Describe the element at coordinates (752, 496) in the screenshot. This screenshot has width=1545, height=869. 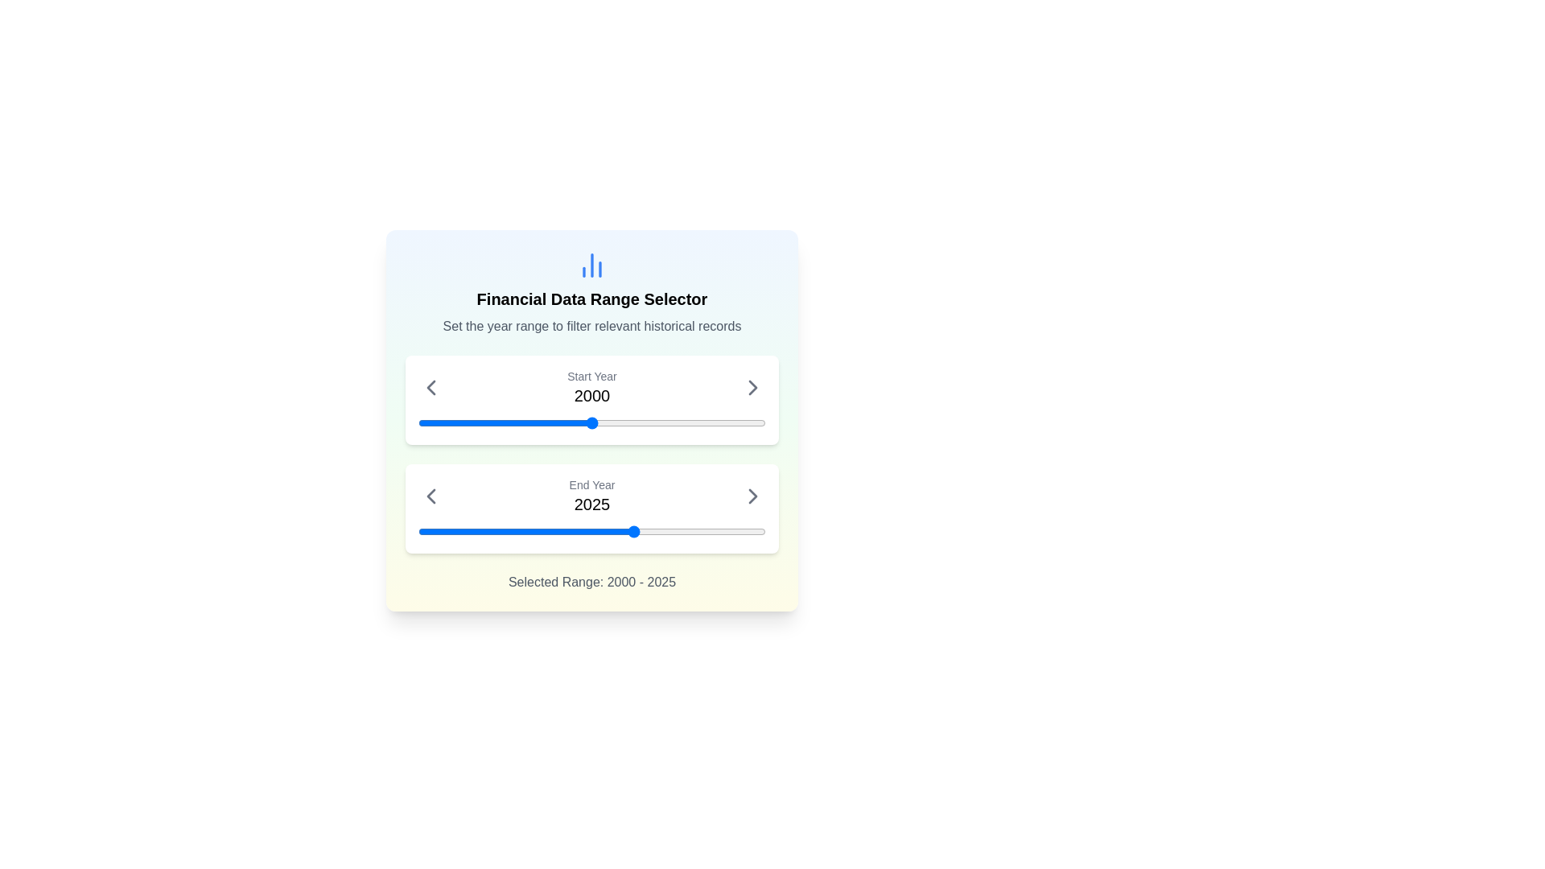
I see `the chevron icon located on the lower row within the 'End Year' selector to increment the year value` at that location.